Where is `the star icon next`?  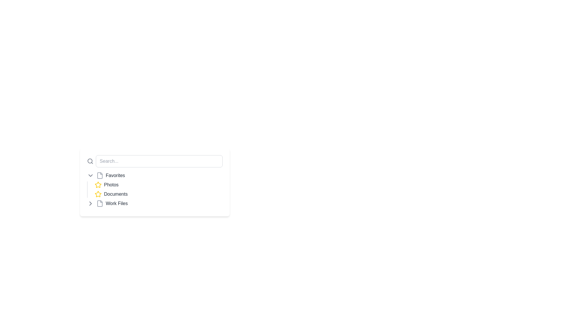
the star icon next is located at coordinates (98, 185).